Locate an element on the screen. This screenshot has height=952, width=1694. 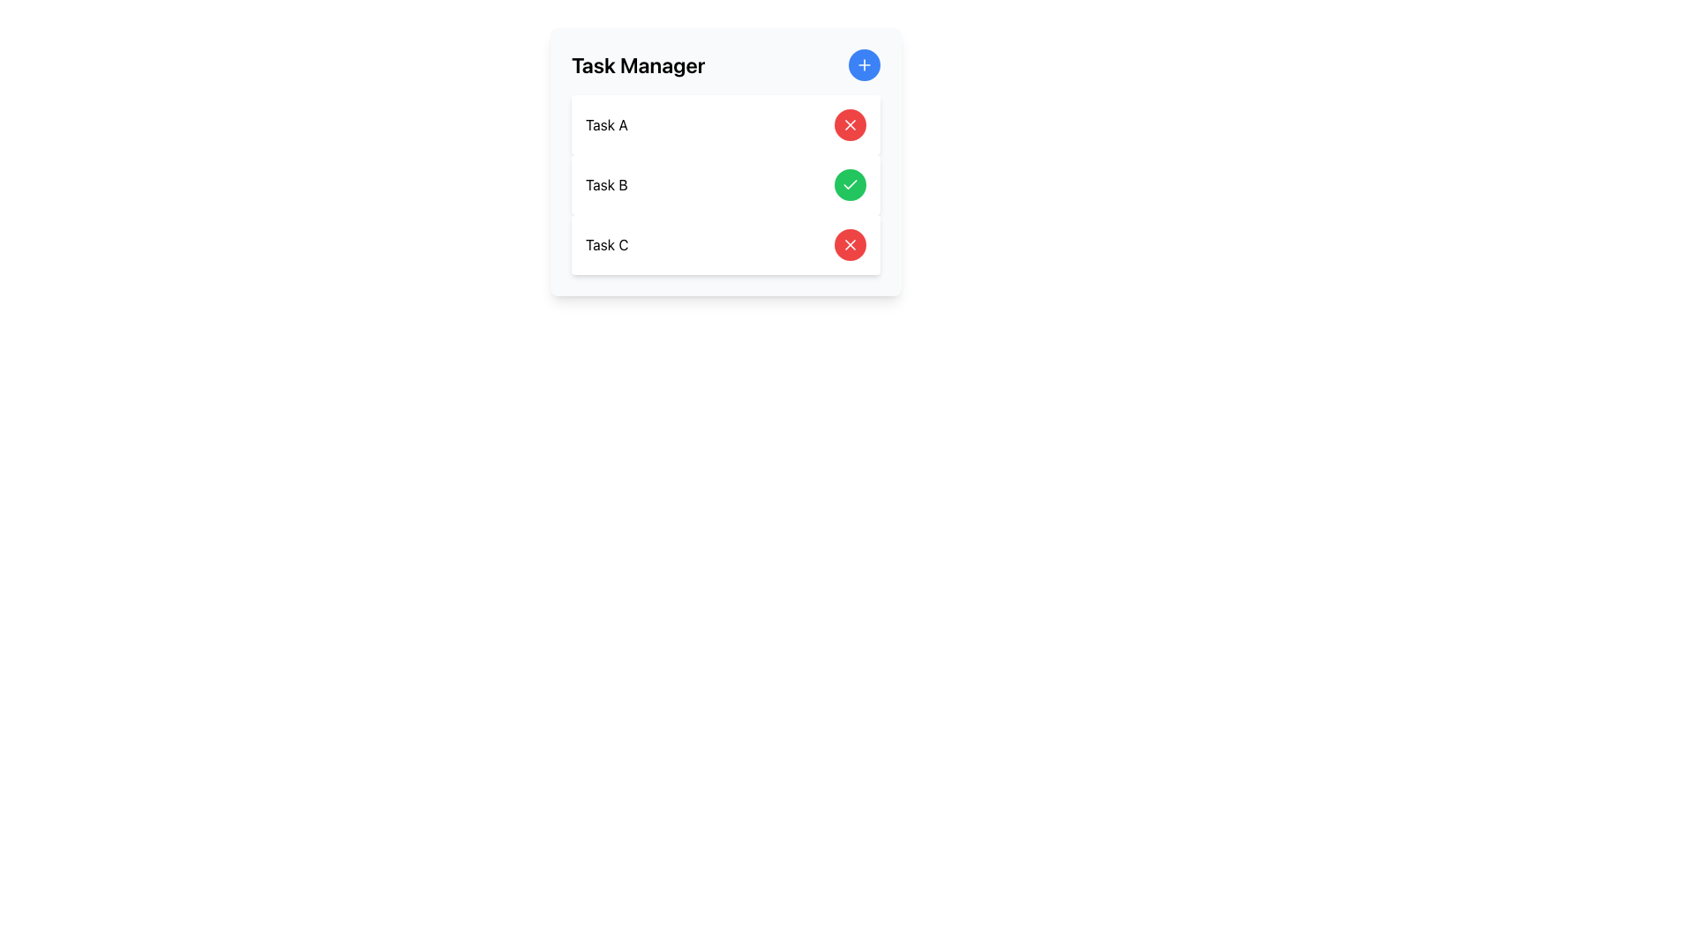
the red diagonal cross icon inside the circular button is located at coordinates (851, 124).